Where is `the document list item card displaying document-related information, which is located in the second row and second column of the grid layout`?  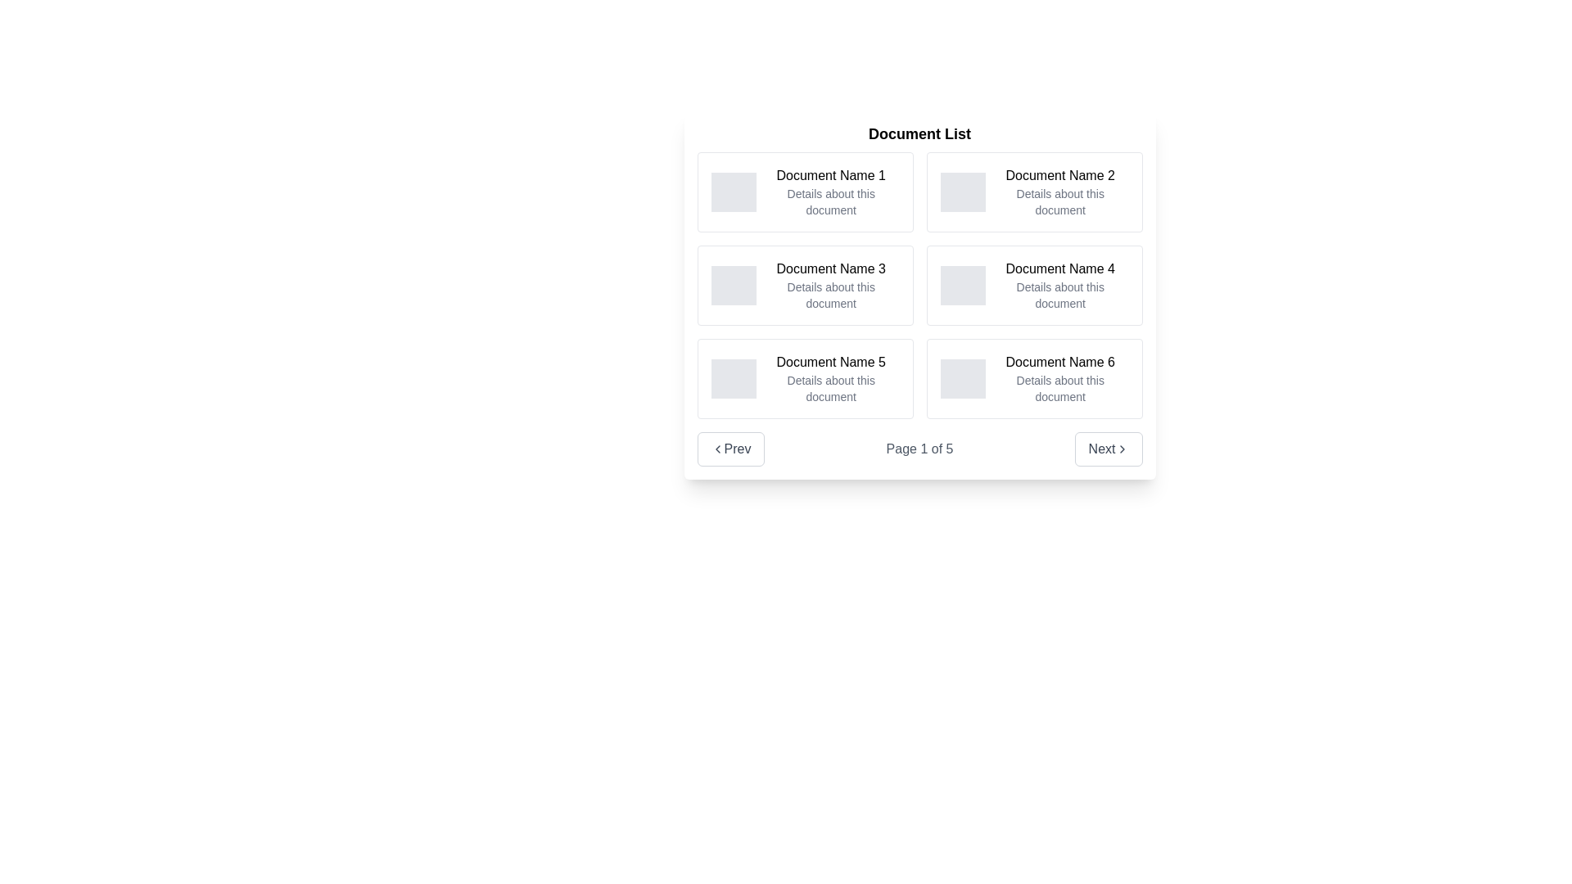 the document list item card displaying document-related information, which is located in the second row and second column of the grid layout is located at coordinates (1033, 284).